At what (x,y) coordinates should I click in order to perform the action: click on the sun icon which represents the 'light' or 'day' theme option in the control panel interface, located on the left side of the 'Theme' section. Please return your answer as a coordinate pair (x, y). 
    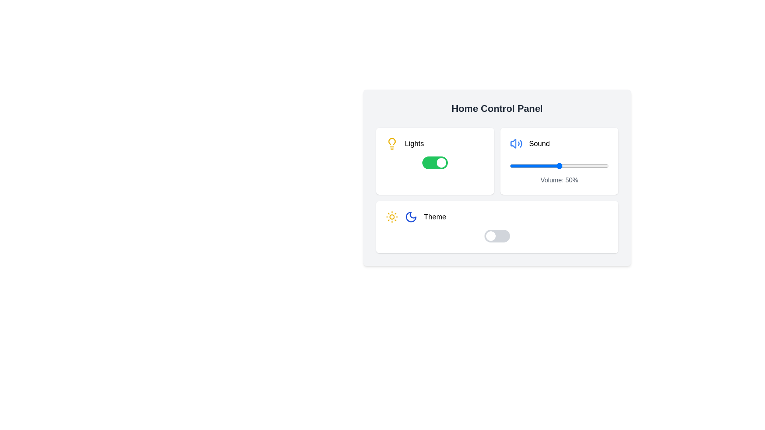
    Looking at the image, I should click on (392, 217).